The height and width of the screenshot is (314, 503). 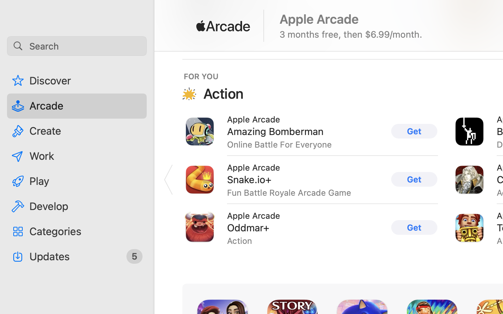 I want to click on '3 months free, then $6.99/month.', so click(x=350, y=34).